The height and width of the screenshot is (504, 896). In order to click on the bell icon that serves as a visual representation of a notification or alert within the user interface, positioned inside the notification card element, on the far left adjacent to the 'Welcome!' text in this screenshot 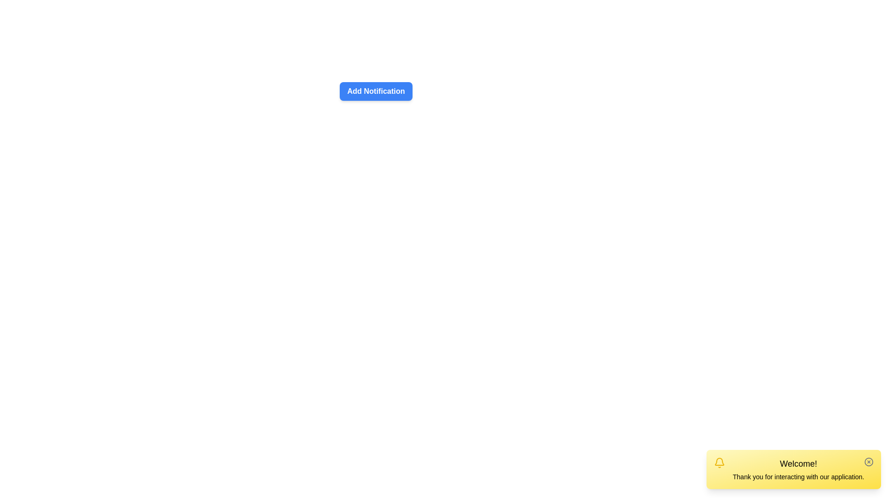, I will do `click(719, 462)`.